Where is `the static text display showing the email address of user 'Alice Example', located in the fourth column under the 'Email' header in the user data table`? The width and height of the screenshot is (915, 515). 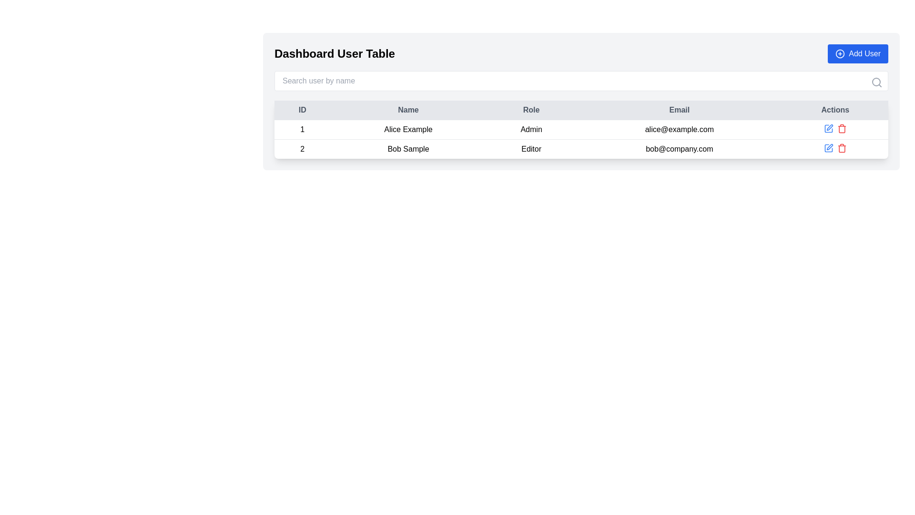
the static text display showing the email address of user 'Alice Example', located in the fourth column under the 'Email' header in the user data table is located at coordinates (679, 130).